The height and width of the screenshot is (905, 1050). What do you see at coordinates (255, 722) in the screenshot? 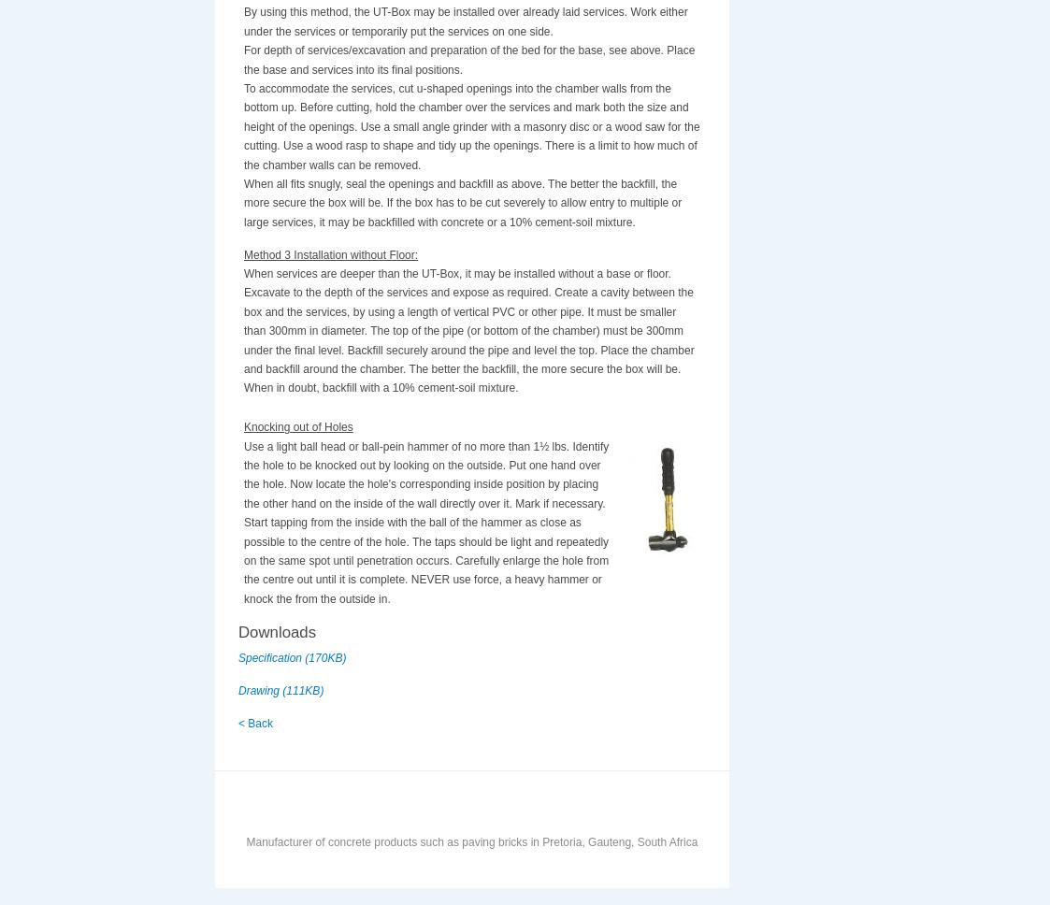
I see `'< Back'` at bounding box center [255, 722].